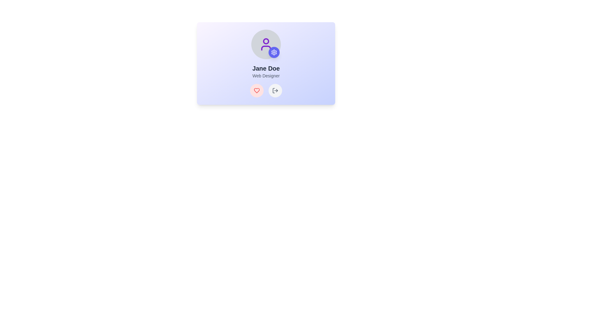 This screenshot has height=333, width=592. Describe the element at coordinates (257, 90) in the screenshot. I see `the circular button with a pinkish-red background and a red heart-shaped icon` at that location.